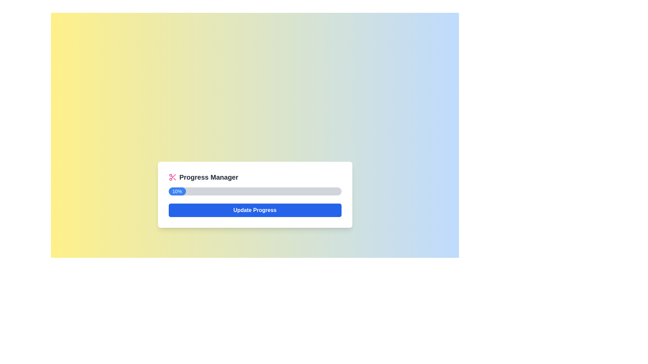 Image resolution: width=648 pixels, height=364 pixels. What do you see at coordinates (177, 191) in the screenshot?
I see `the progress indicator that visually represents 10% completion within the progress bar, located below the 'Progress Manager' label and above the 'Update Progress' button` at bounding box center [177, 191].